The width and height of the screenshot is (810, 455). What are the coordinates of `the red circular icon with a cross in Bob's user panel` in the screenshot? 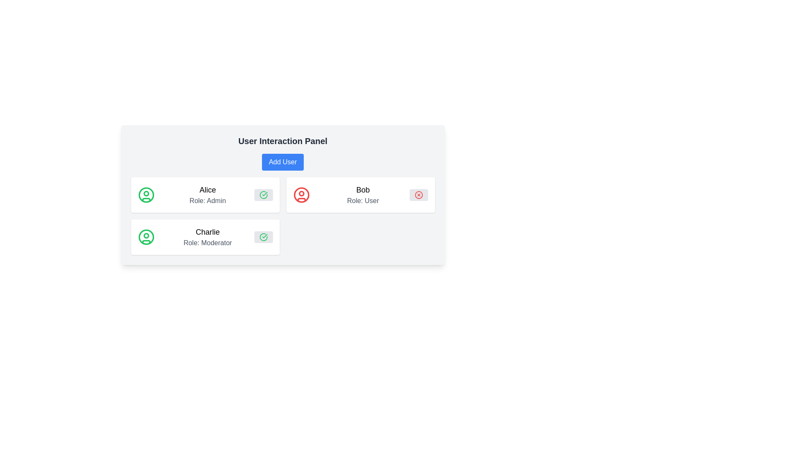 It's located at (418, 195).